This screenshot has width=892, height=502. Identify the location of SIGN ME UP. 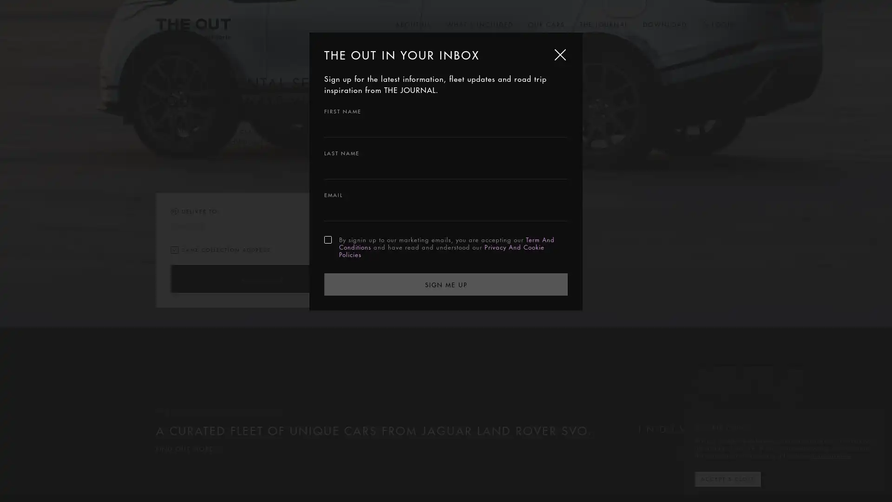
(446, 283).